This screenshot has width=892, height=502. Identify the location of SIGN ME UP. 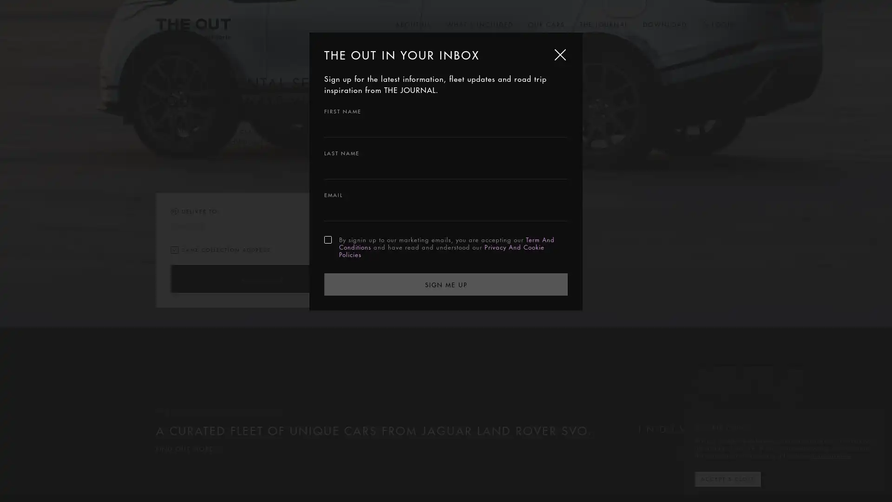
(446, 283).